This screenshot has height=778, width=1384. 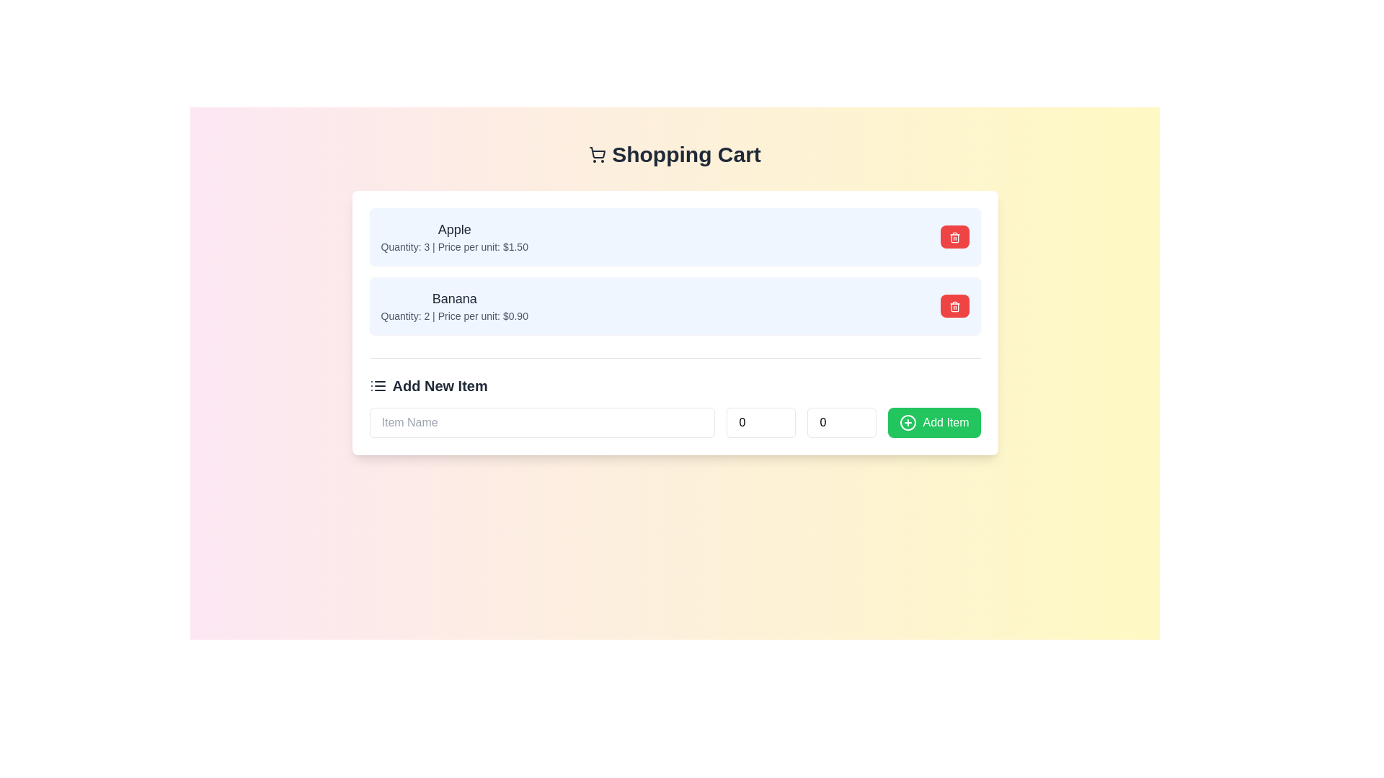 What do you see at coordinates (954, 236) in the screenshot?
I see `the rounded red delete button with a trash can icon located on the right side of the 'Apple' item in the list` at bounding box center [954, 236].